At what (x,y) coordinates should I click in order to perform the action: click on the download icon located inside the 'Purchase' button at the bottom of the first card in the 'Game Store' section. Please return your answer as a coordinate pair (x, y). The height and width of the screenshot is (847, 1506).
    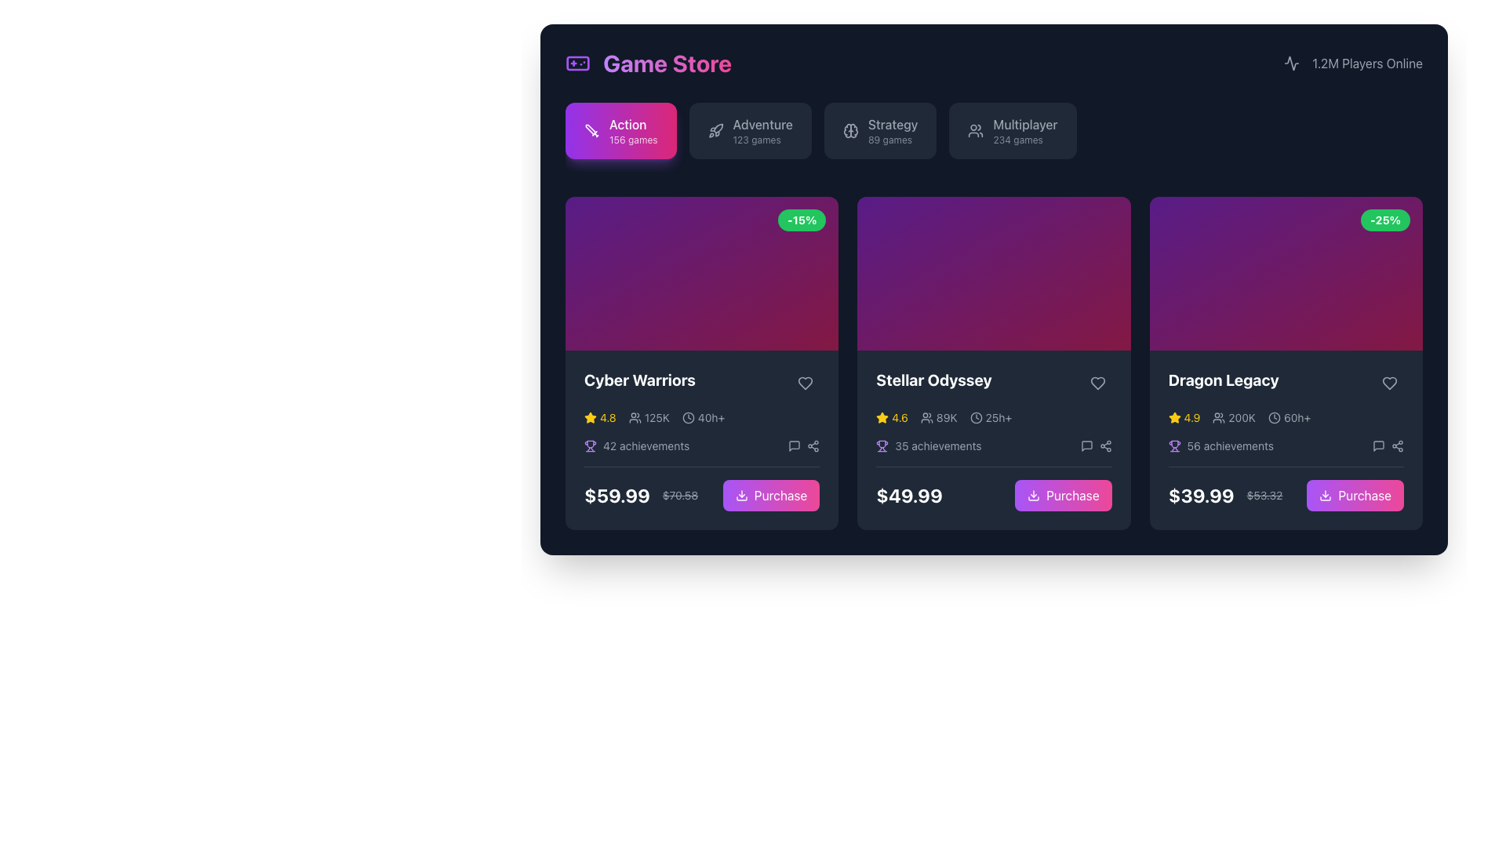
    Looking at the image, I should click on (740, 495).